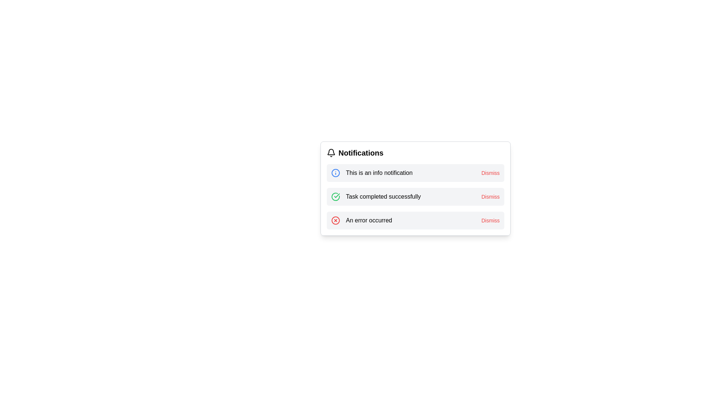 The width and height of the screenshot is (713, 401). What do you see at coordinates (379, 173) in the screenshot?
I see `the text label displaying the notification message 'This is an info notification', which is located to the right of a blue circular information icon` at bounding box center [379, 173].